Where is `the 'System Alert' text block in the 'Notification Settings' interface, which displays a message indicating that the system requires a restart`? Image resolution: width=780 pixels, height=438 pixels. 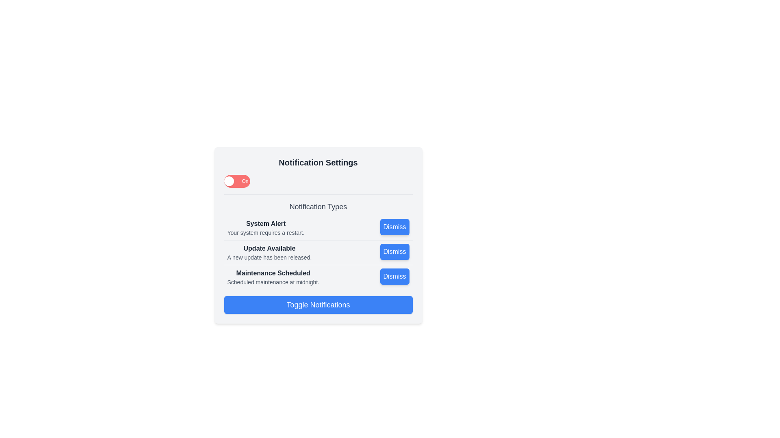 the 'System Alert' text block in the 'Notification Settings' interface, which displays a message indicating that the system requires a restart is located at coordinates (266, 228).